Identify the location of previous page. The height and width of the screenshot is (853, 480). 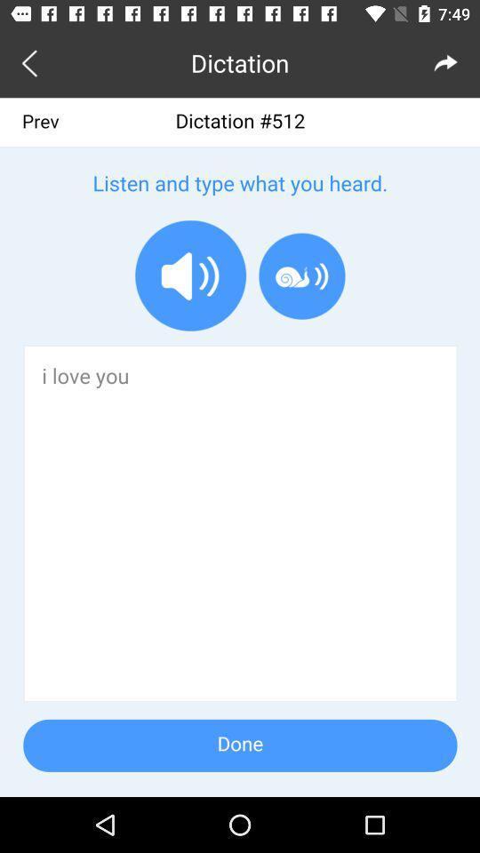
(33, 62).